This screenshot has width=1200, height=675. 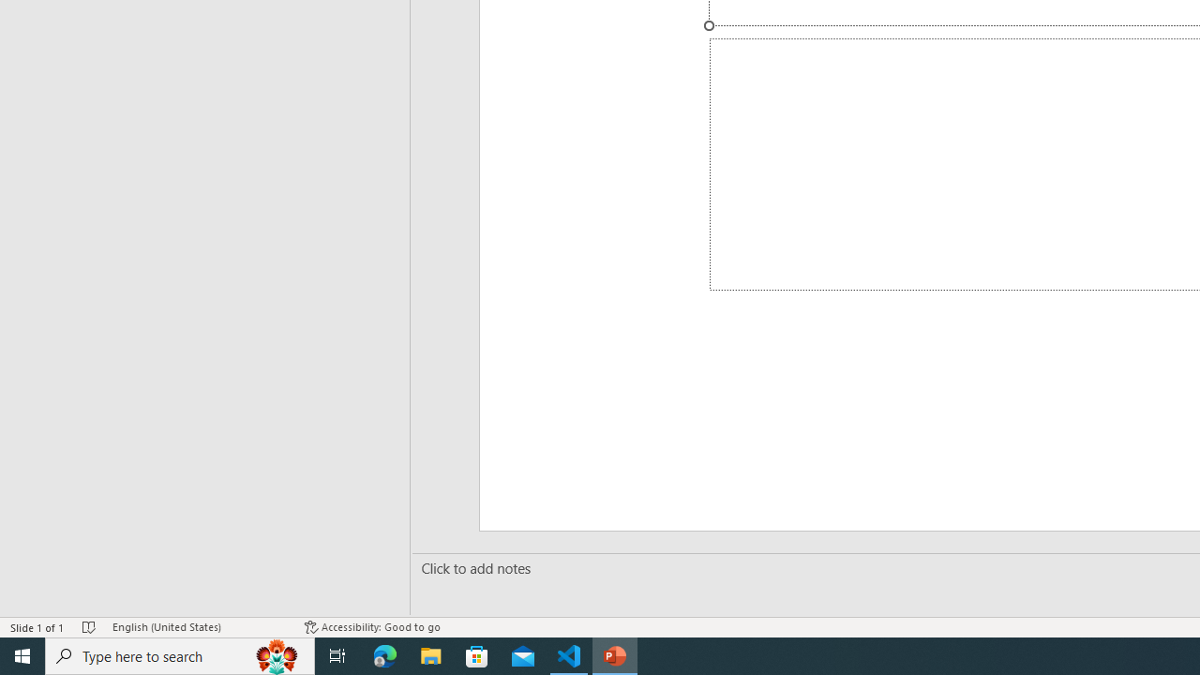 What do you see at coordinates (372, 627) in the screenshot?
I see `'Accessibility Checker Accessibility: Good to go'` at bounding box center [372, 627].